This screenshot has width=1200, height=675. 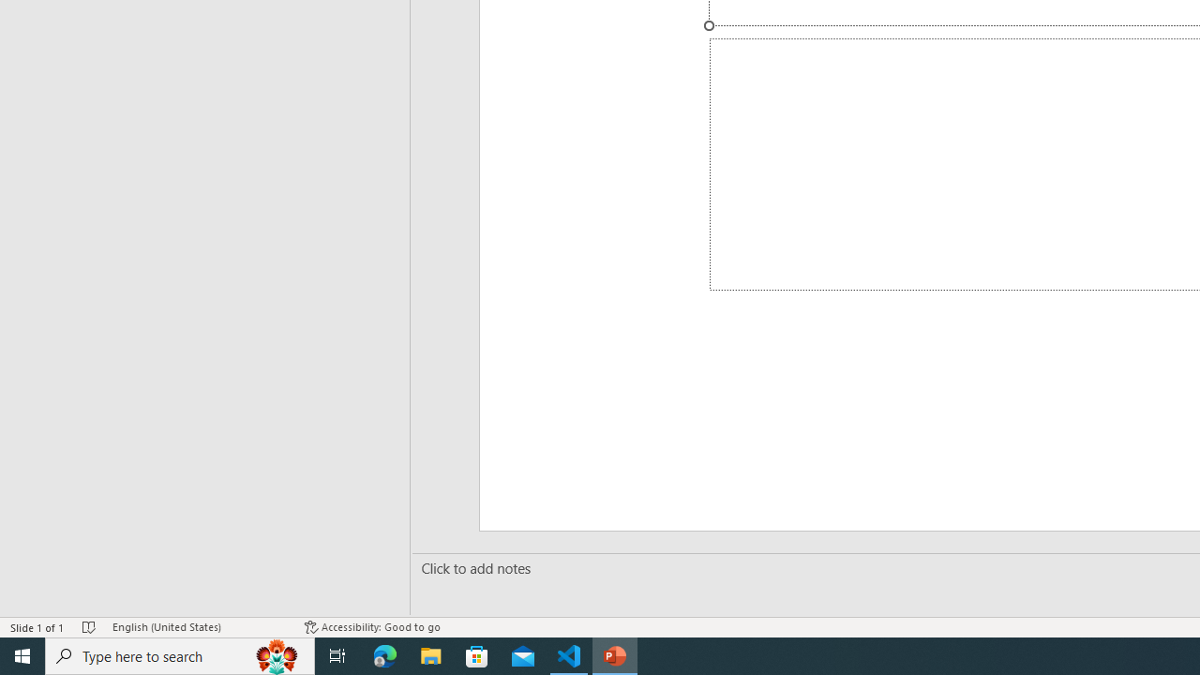 What do you see at coordinates (372, 627) in the screenshot?
I see `'Accessibility Checker Accessibility: Good to go'` at bounding box center [372, 627].